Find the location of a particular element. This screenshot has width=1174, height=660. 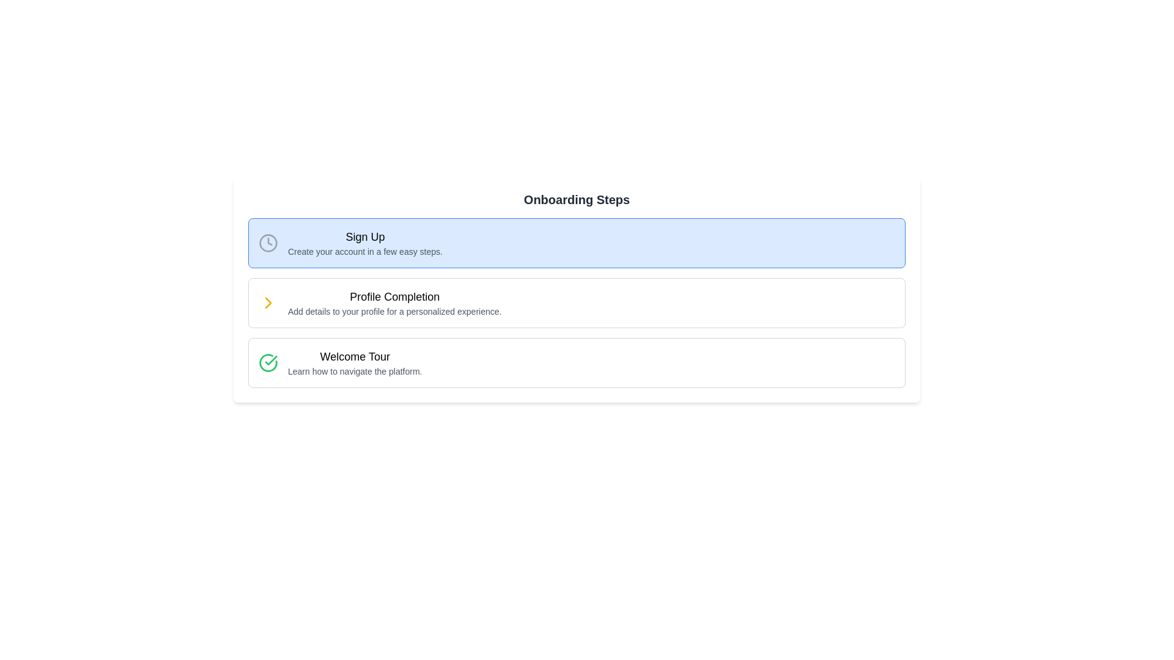

the time or promptness icon located at the top-left of the 'Sign Up' button, which indicates quick and efficient account creation is located at coordinates (267, 243).